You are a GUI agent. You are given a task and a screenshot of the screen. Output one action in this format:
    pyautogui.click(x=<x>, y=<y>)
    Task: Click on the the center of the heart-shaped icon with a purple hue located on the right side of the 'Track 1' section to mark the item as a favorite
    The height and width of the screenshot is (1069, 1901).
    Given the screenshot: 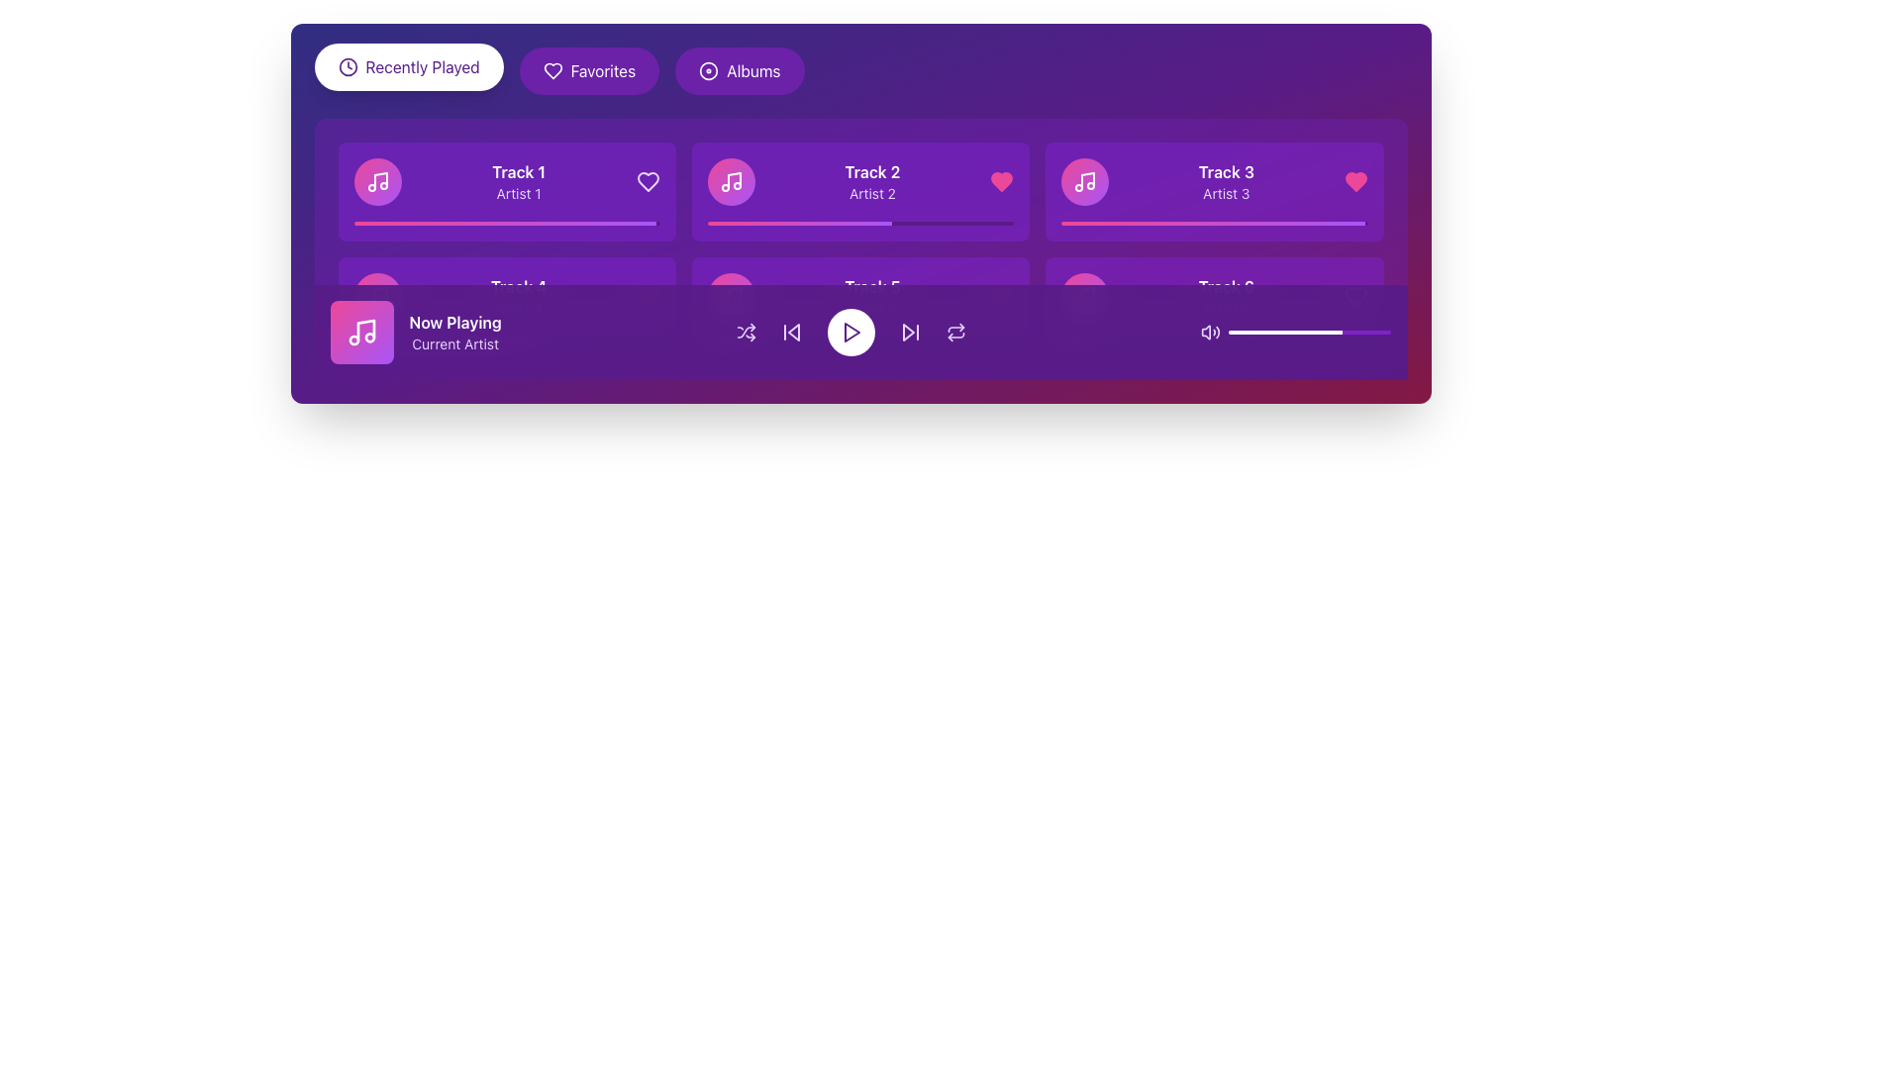 What is the action you would take?
    pyautogui.click(x=648, y=182)
    